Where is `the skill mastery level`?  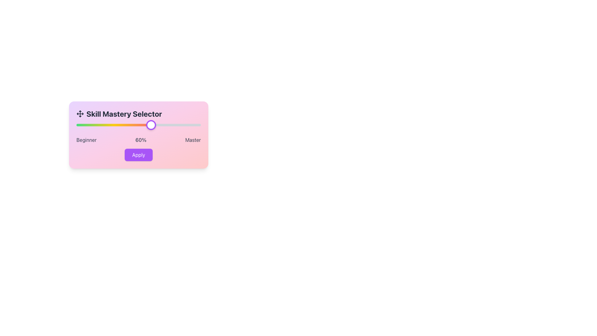 the skill mastery level is located at coordinates (87, 125).